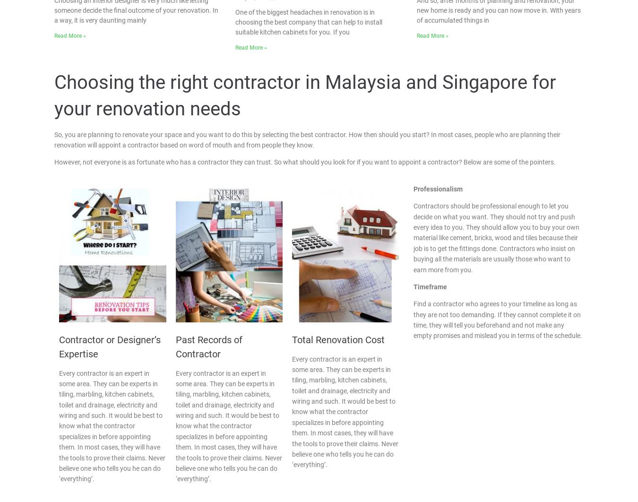  What do you see at coordinates (307, 139) in the screenshot?
I see `'So, you are planning to renovate your space and you want to do this by selecting the best contractor. How then should you start? In most cases, people who are planning their renovation will appoint a contractor based on word of mouth and from people they know.'` at bounding box center [307, 139].